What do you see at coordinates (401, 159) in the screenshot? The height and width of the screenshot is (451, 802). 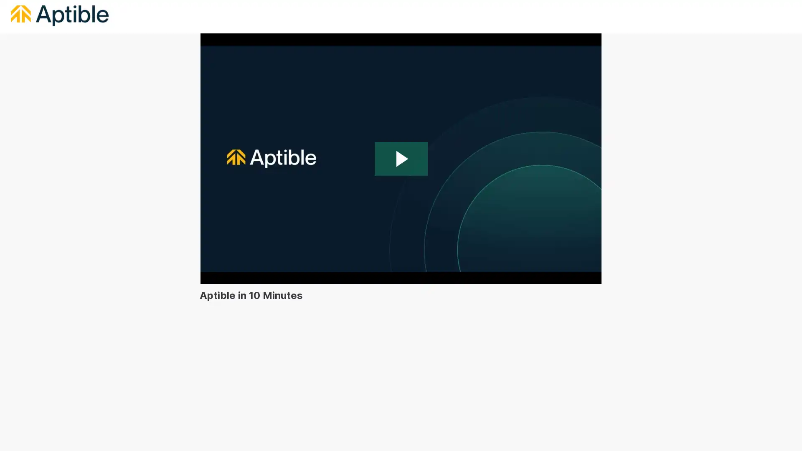 I see `Play` at bounding box center [401, 159].